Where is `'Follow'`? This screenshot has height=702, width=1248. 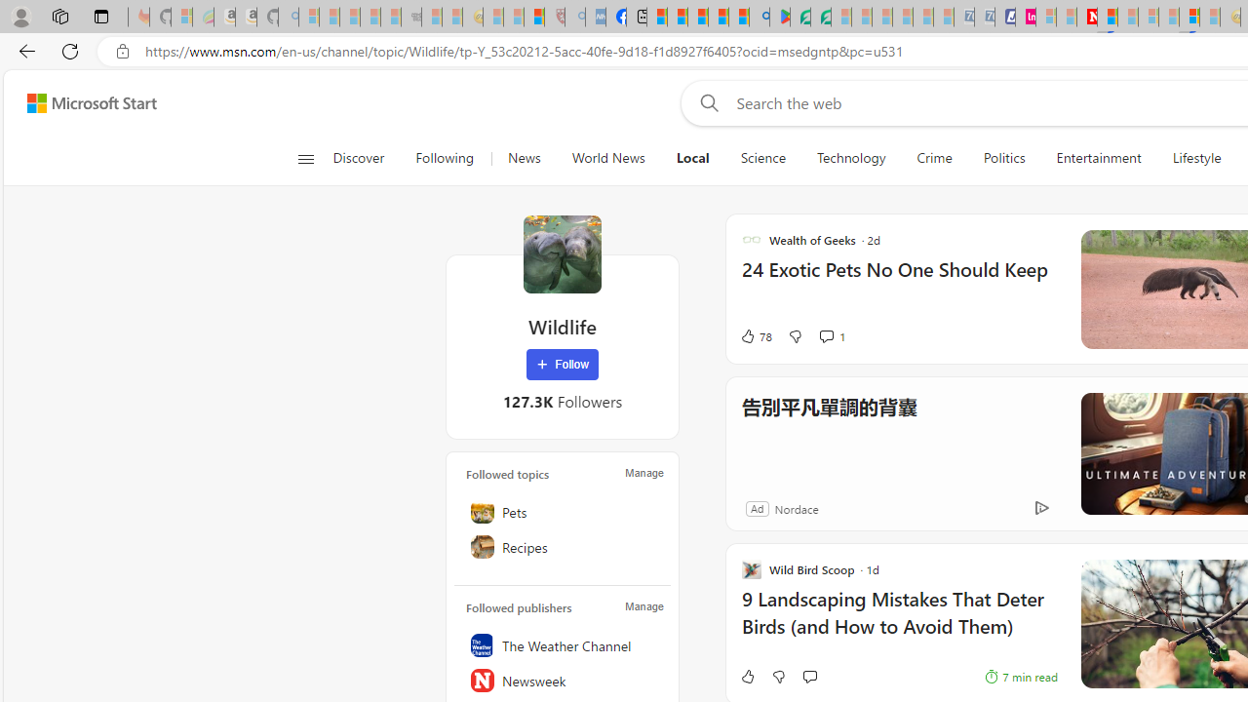
'Follow' is located at coordinates (562, 365).